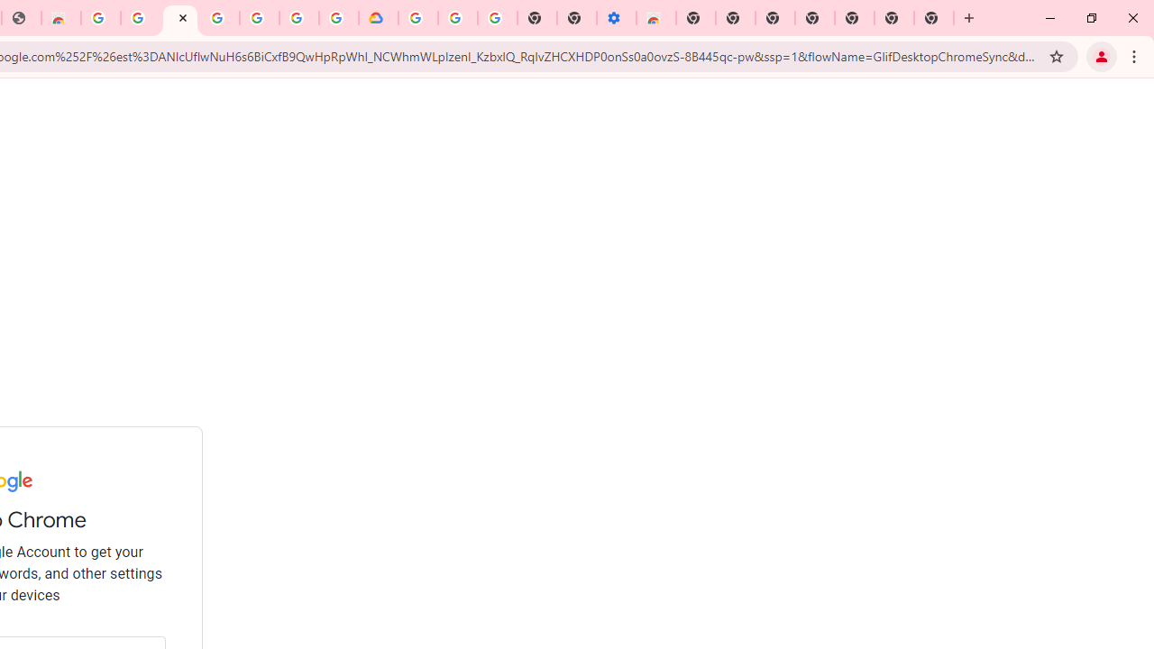  What do you see at coordinates (655, 18) in the screenshot?
I see `'Chrome Web Store - Accessibility extensions'` at bounding box center [655, 18].